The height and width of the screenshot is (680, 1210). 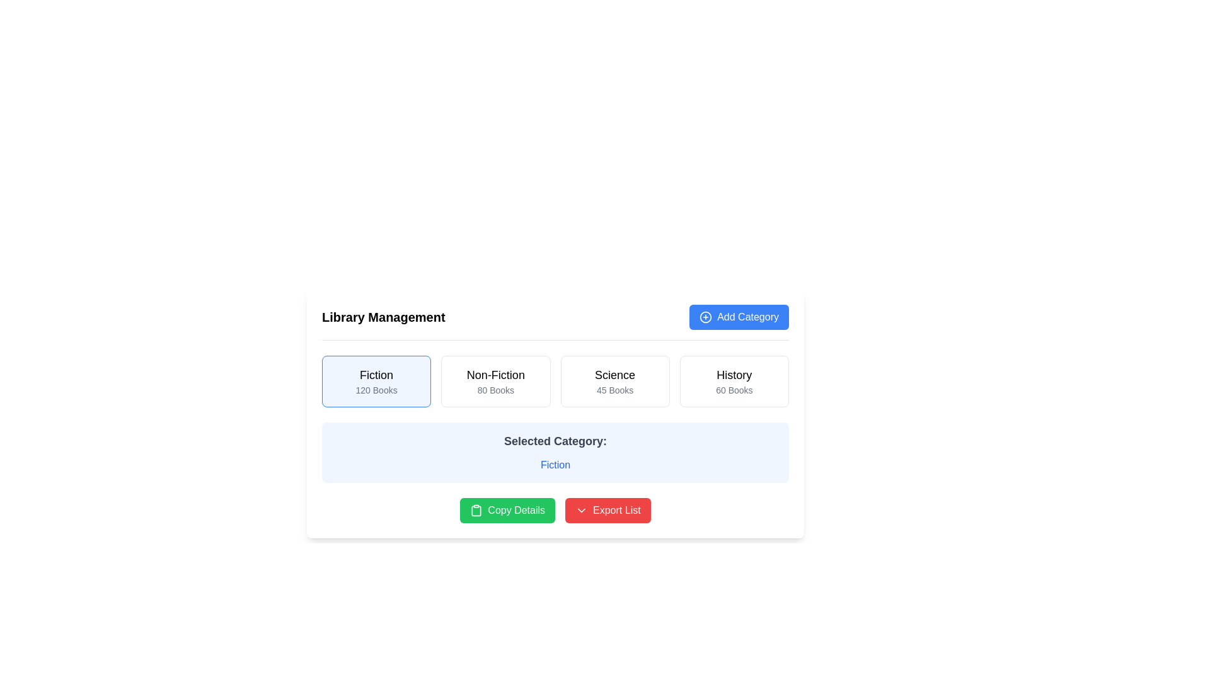 I want to click on the green button labeled 'Copy Details', so click(x=516, y=510).